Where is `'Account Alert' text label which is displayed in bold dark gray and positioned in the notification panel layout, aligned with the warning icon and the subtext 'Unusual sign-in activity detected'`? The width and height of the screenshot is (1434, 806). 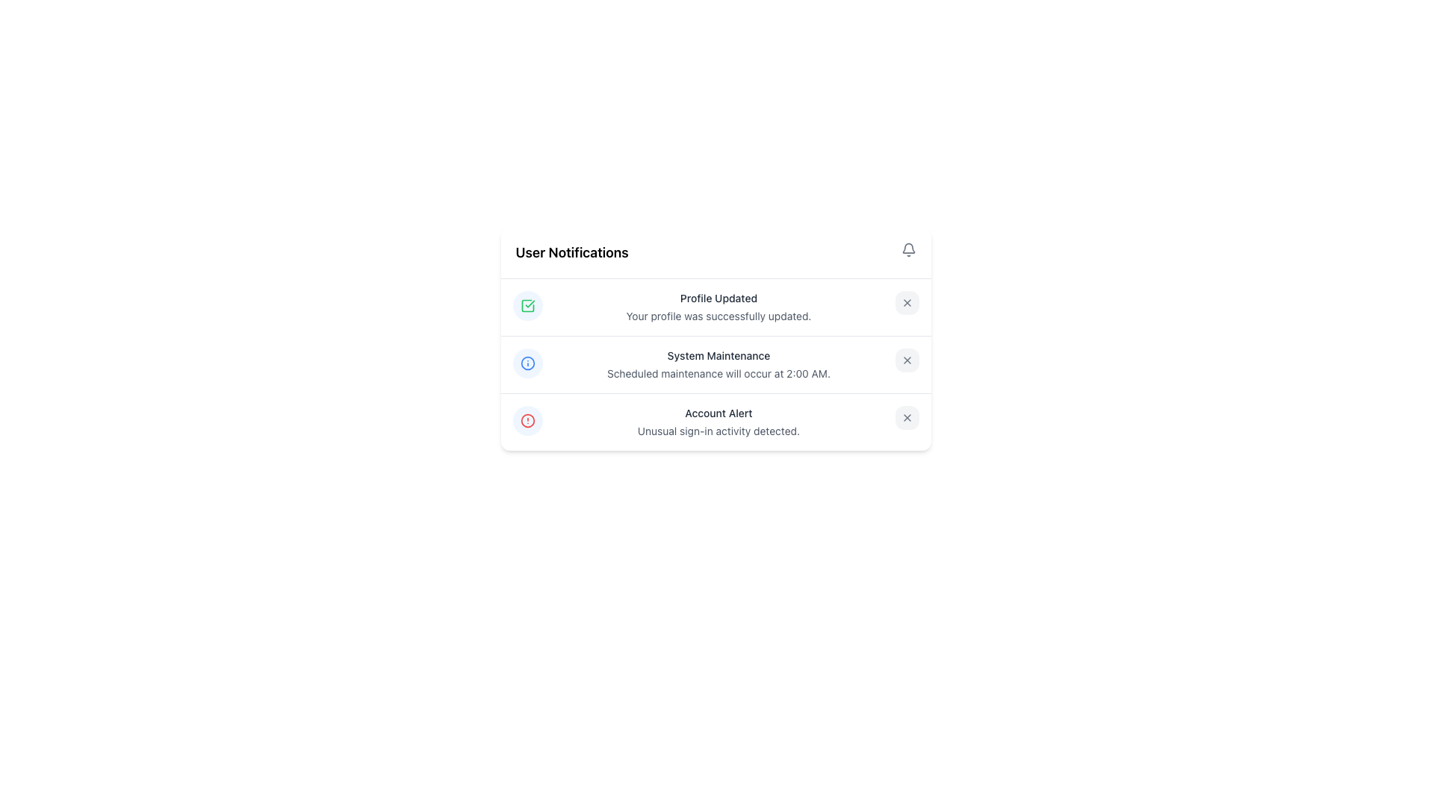
'Account Alert' text label which is displayed in bold dark gray and positioned in the notification panel layout, aligned with the warning icon and the subtext 'Unusual sign-in activity detected' is located at coordinates (718, 413).